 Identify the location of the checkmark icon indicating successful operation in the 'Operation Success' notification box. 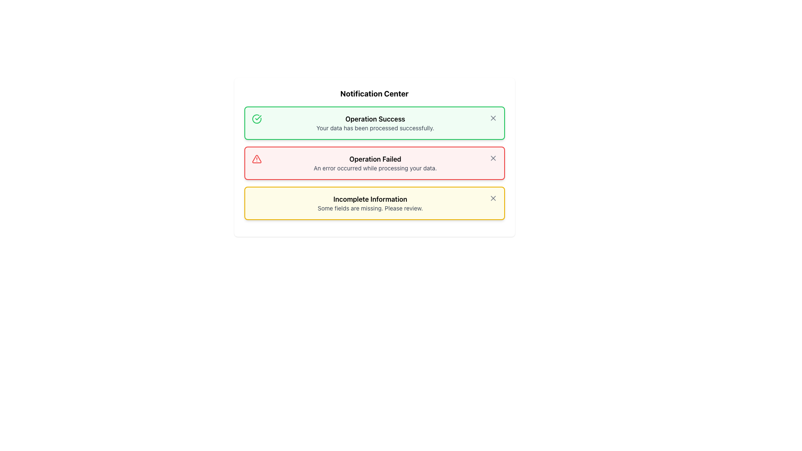
(258, 117).